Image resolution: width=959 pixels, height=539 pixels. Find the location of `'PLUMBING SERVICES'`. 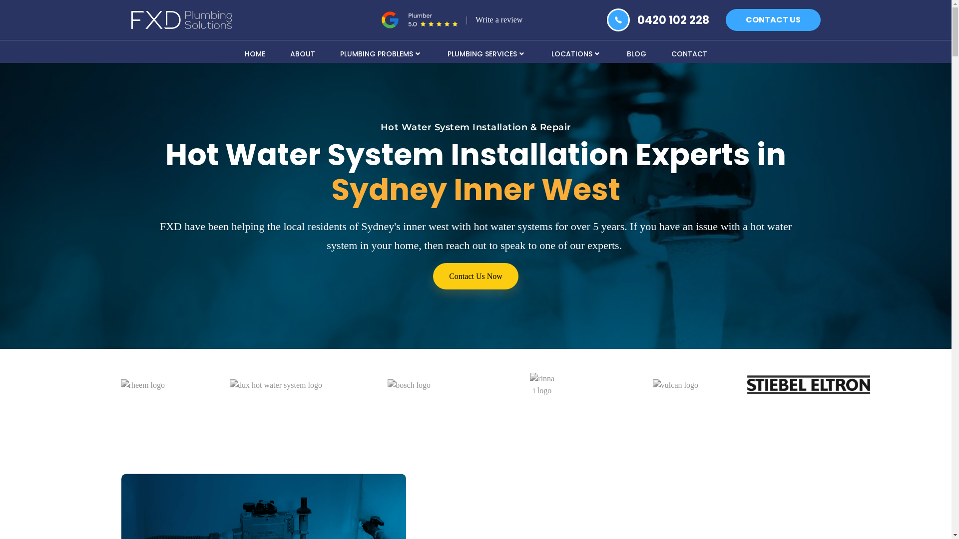

'PLUMBING SERVICES' is located at coordinates (486, 52).